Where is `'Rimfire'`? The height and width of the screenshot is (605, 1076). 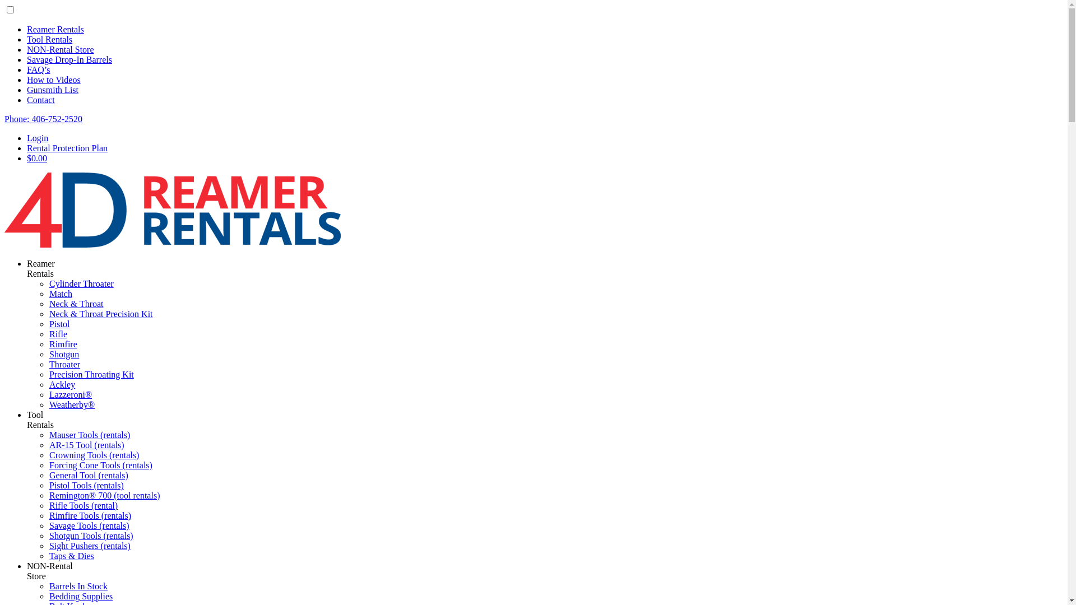
'Rimfire' is located at coordinates (48, 343).